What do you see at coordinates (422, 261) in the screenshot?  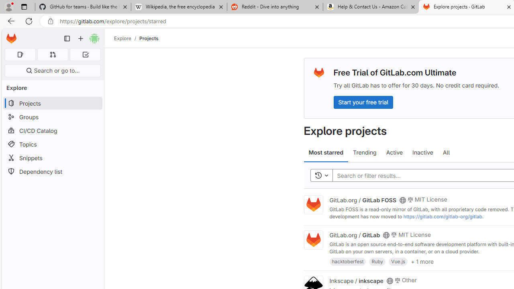 I see `'+ 1 more'` at bounding box center [422, 261].